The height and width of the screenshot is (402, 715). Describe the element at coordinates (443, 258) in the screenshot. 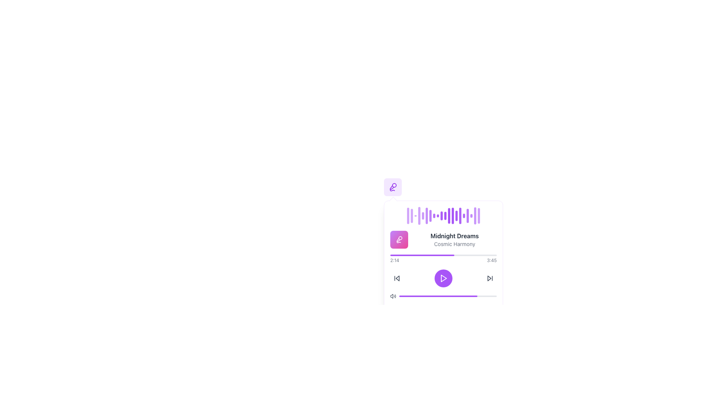

I see `the Progress Bar located centrally between the title and playback control buttons to move to a specific time` at that location.